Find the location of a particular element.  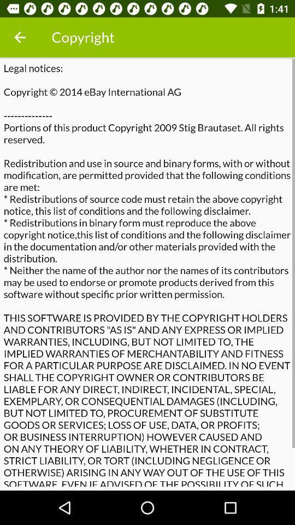

item next to the copyright item is located at coordinates (20, 37).